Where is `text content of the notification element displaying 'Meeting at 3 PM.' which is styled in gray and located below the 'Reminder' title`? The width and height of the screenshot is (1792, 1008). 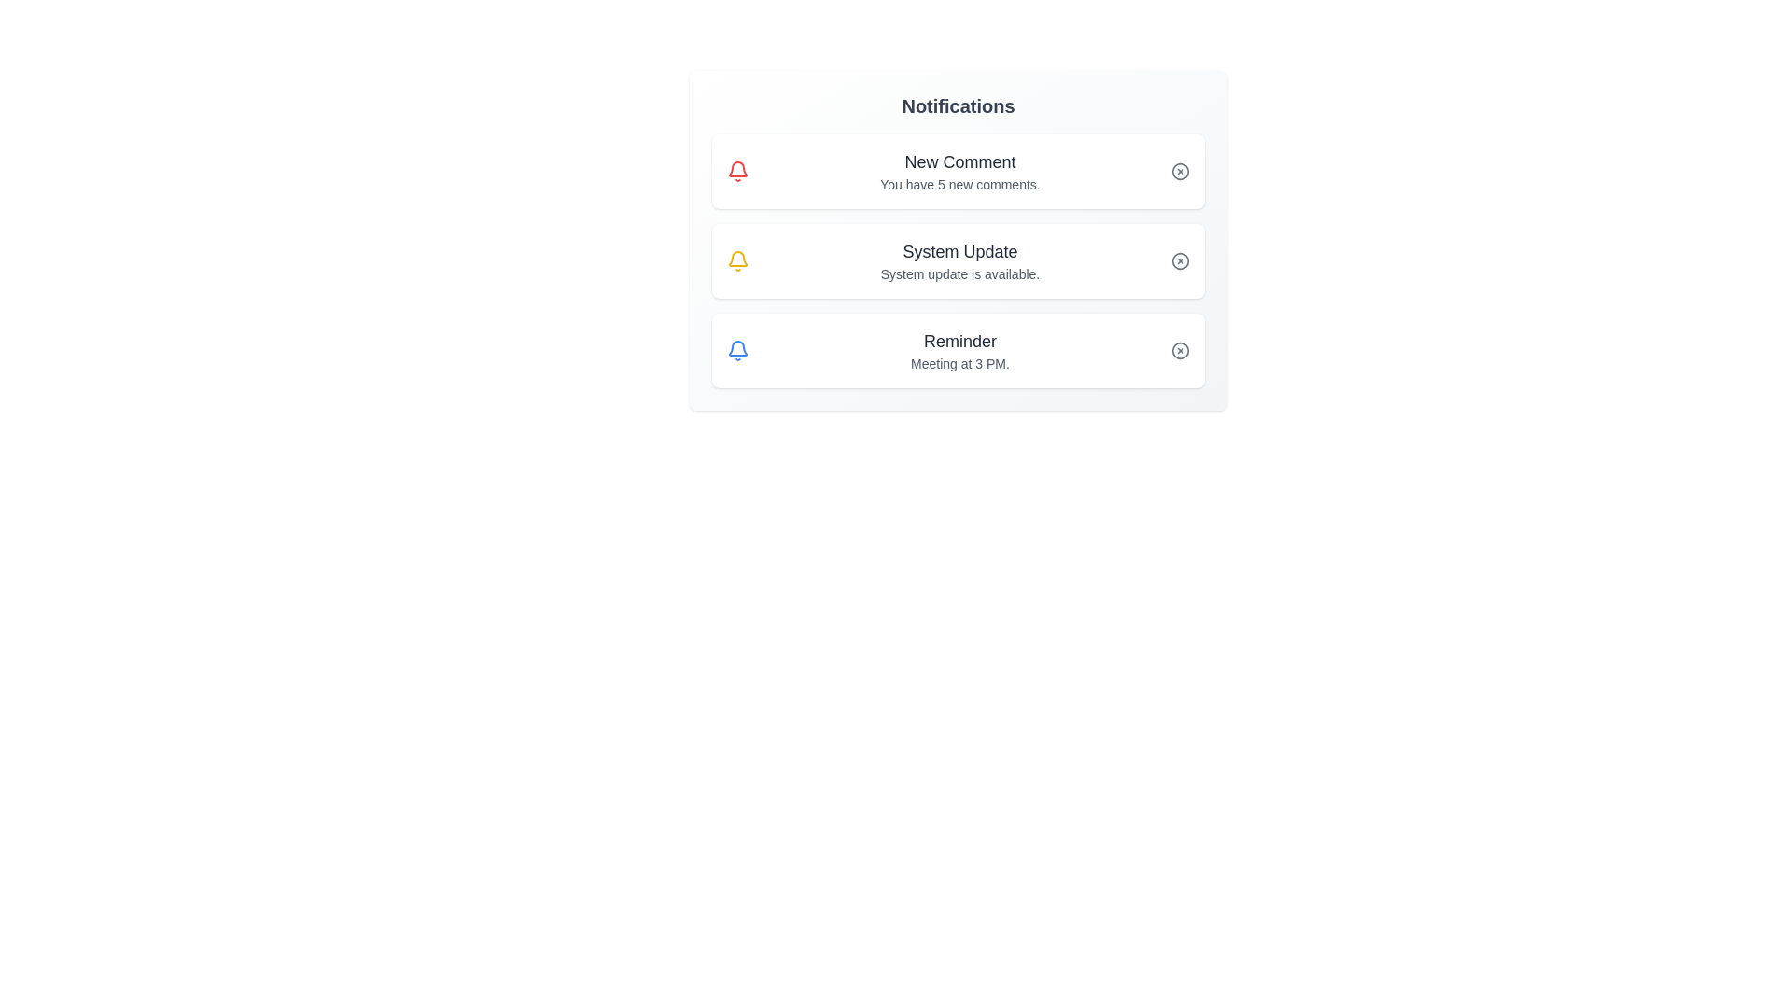 text content of the notification element displaying 'Meeting at 3 PM.' which is styled in gray and located below the 'Reminder' title is located at coordinates (959, 363).